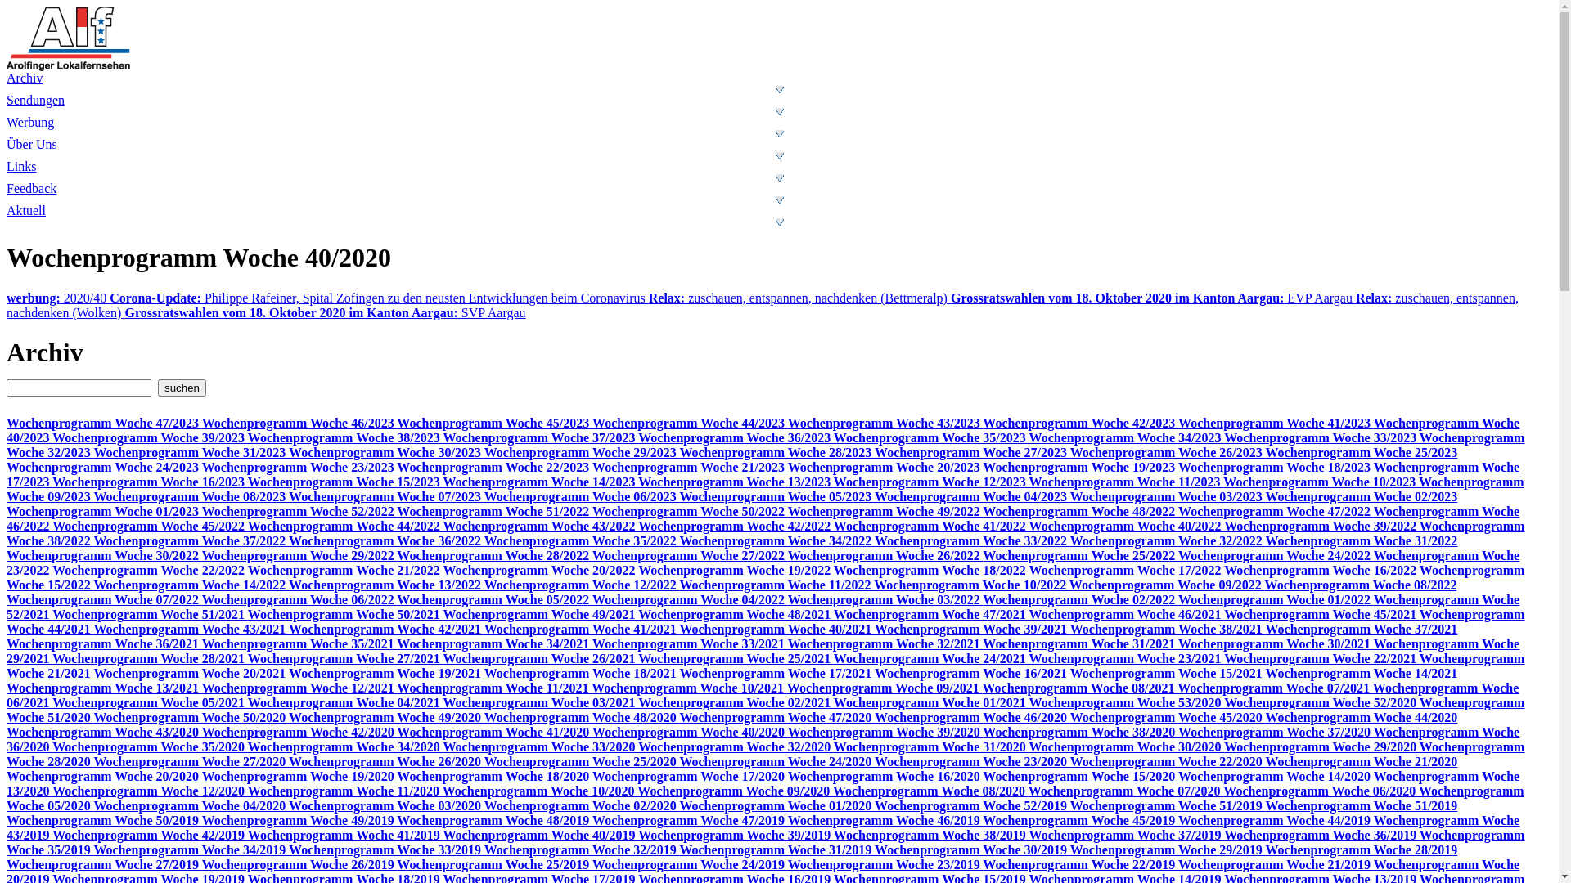  Describe the element at coordinates (493, 422) in the screenshot. I see `'Wochenprogramm Woche 45/2023'` at that location.